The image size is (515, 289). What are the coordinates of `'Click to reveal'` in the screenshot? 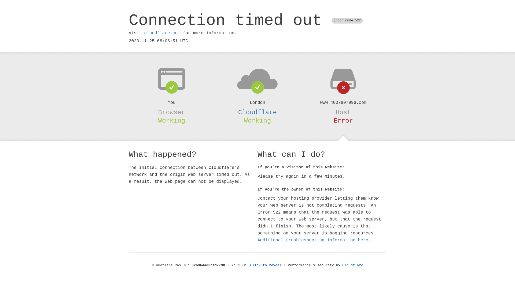 It's located at (266, 265).